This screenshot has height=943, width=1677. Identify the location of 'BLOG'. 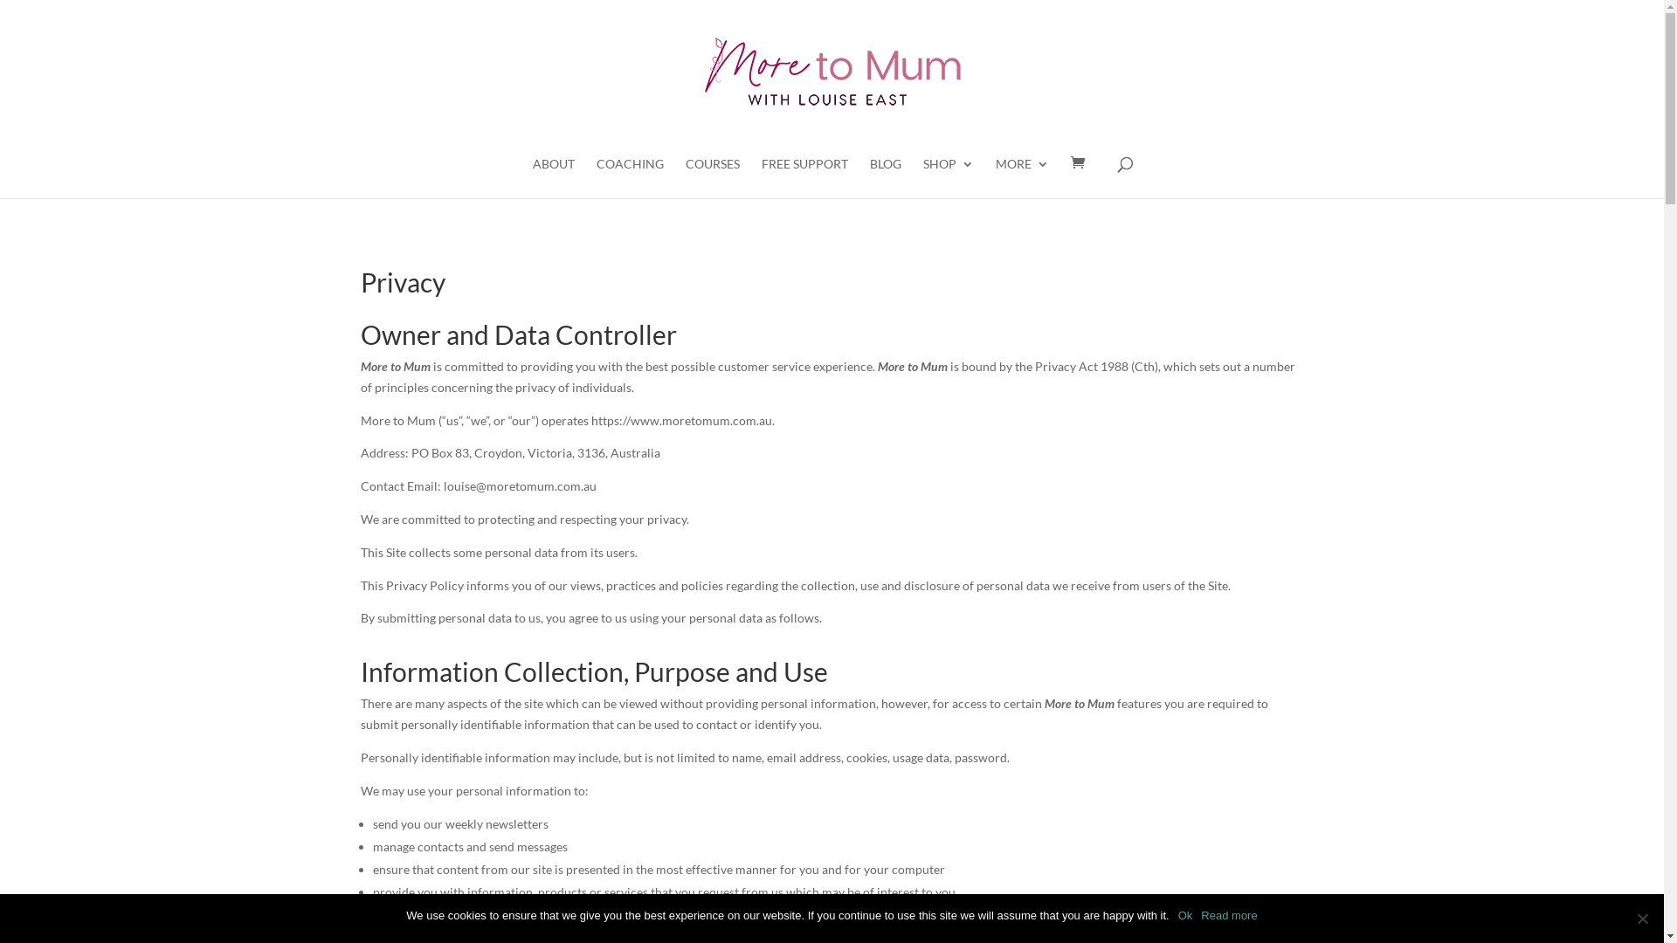
(885, 178).